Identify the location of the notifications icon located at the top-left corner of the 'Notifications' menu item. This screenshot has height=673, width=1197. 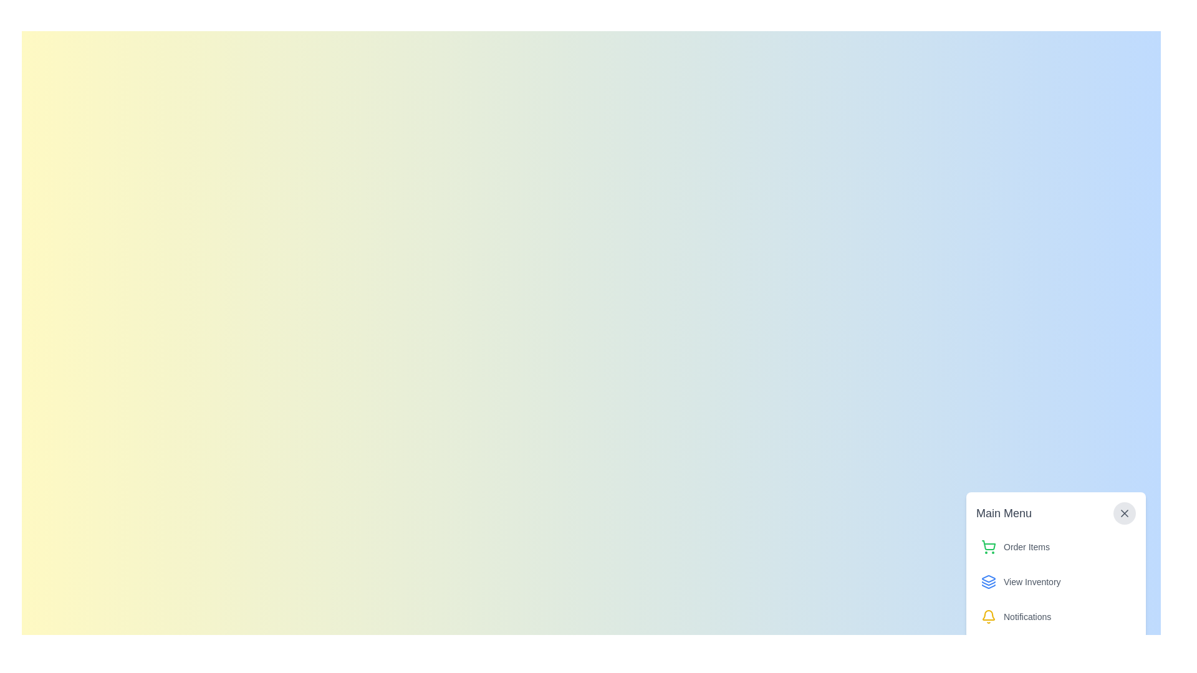
(988, 617).